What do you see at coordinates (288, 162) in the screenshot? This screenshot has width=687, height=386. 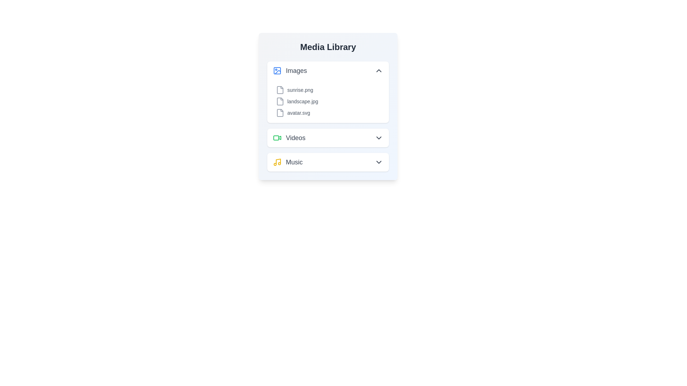 I see `the 'Music' label with the adjacent yellow musical note icon` at bounding box center [288, 162].